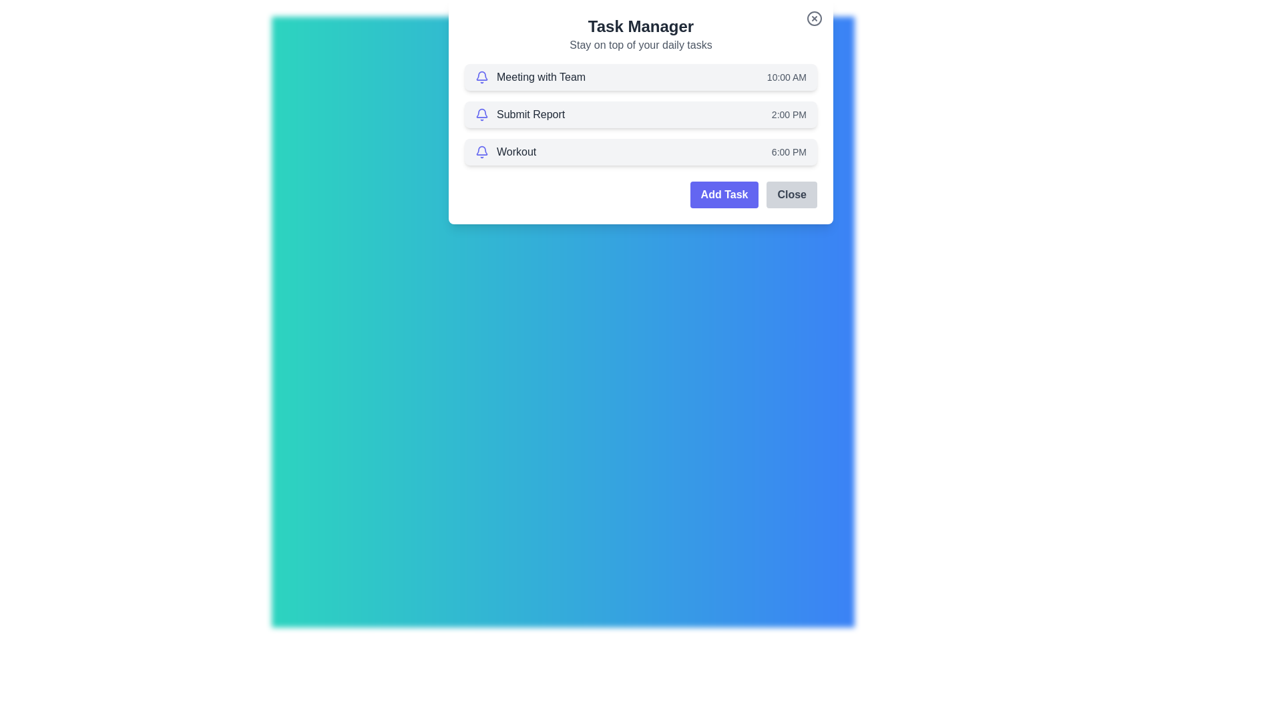 This screenshot has width=1282, height=721. What do you see at coordinates (789, 114) in the screenshot?
I see `the static text label displaying the scheduled time for the 'Submit Report' task, which is located in the second task box and aligned to the right of the task title` at bounding box center [789, 114].